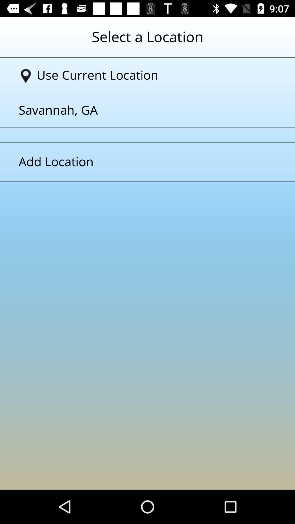 Image resolution: width=295 pixels, height=524 pixels. Describe the element at coordinates (147, 41) in the screenshot. I see `heading of the page` at that location.